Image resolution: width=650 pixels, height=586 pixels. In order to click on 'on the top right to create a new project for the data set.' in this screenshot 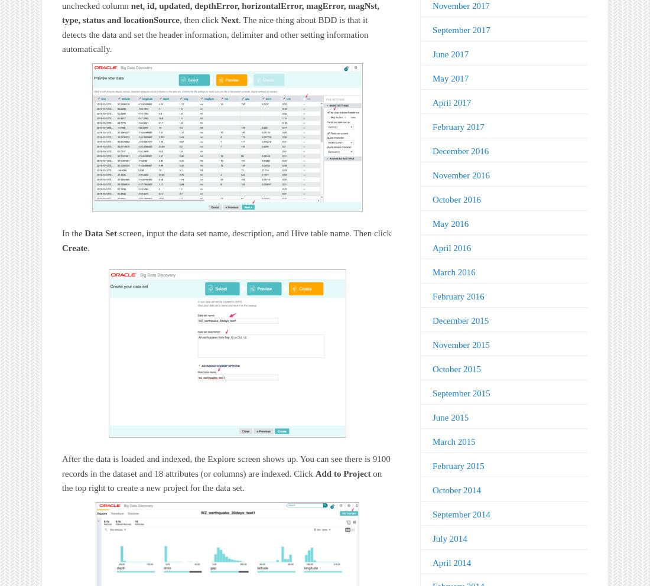, I will do `click(222, 480)`.